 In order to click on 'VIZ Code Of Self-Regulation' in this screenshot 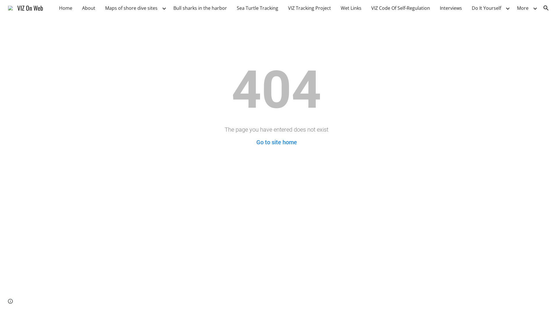, I will do `click(400, 8)`.